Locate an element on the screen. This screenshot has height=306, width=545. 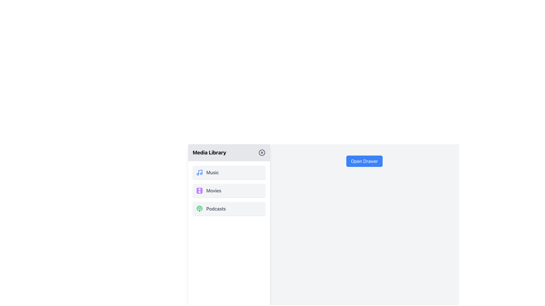
the 'Movies' button in the Media Library sidebar is located at coordinates (229, 190).